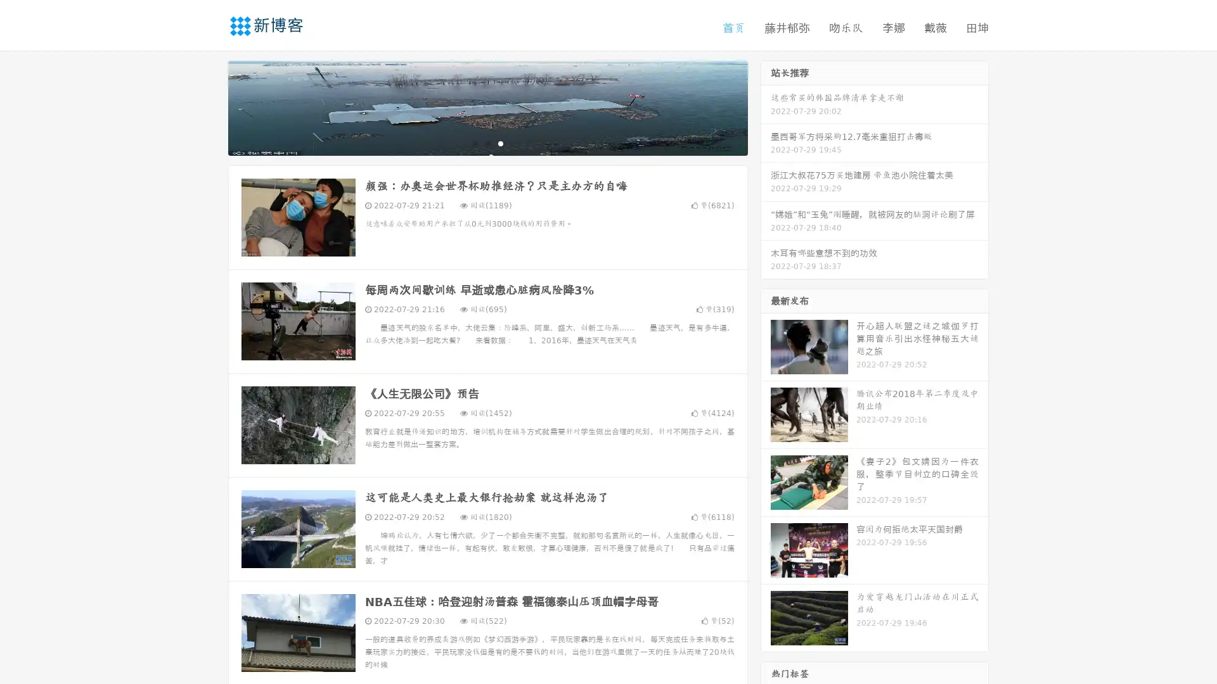 This screenshot has width=1217, height=684. Describe the element at coordinates (474, 142) in the screenshot. I see `Go to slide 1` at that location.